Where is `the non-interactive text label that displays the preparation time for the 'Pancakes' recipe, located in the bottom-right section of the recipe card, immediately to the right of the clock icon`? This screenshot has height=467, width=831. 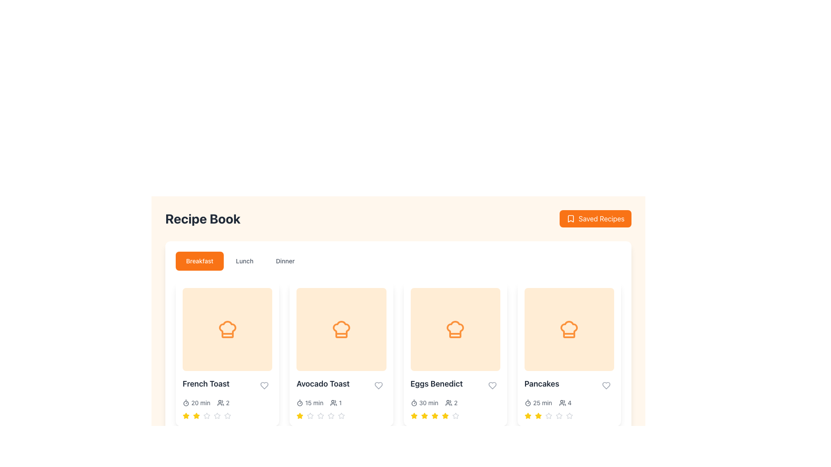 the non-interactive text label that displays the preparation time for the 'Pancakes' recipe, located in the bottom-right section of the recipe card, immediately to the right of the clock icon is located at coordinates (542, 403).